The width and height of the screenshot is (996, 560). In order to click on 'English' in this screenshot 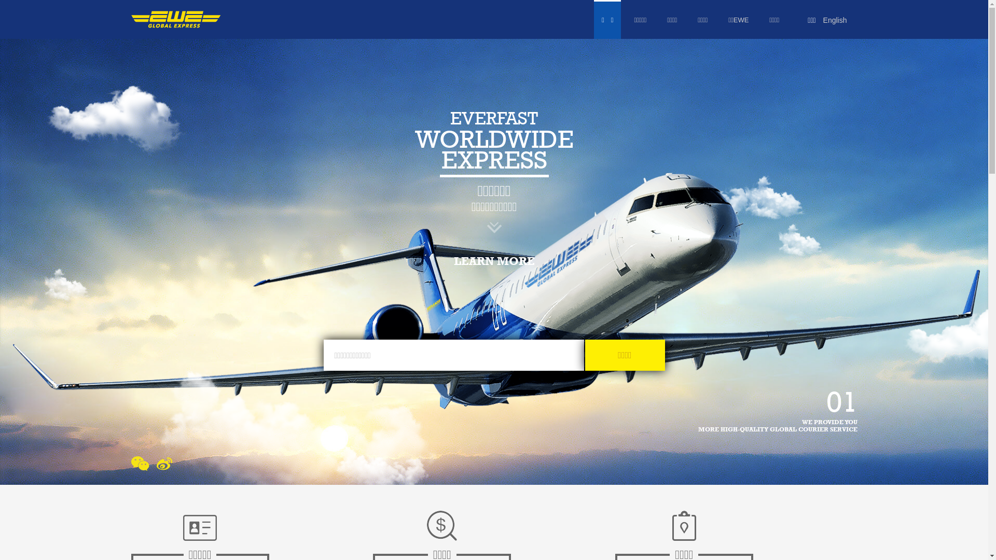, I will do `click(835, 20)`.